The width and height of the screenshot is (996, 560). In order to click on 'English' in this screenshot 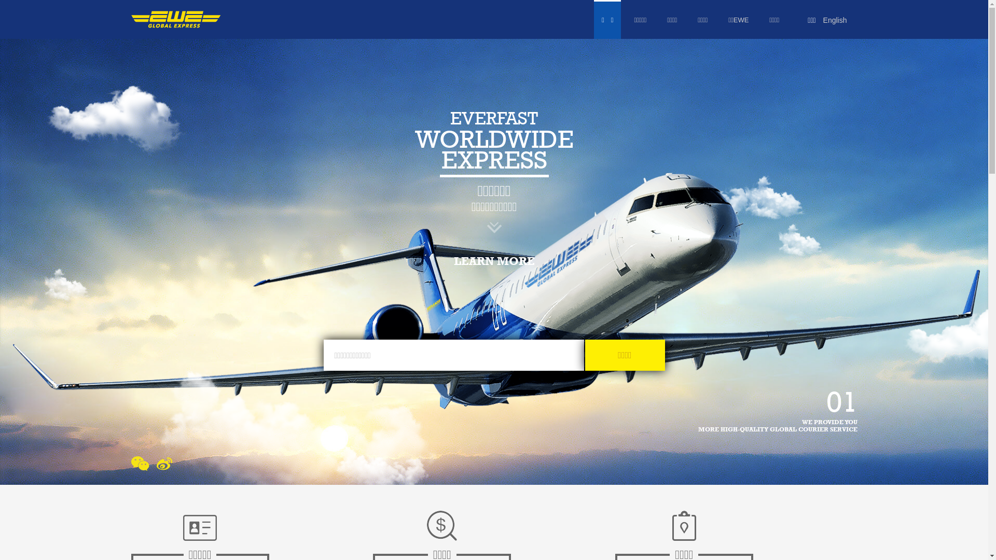, I will do `click(835, 20)`.